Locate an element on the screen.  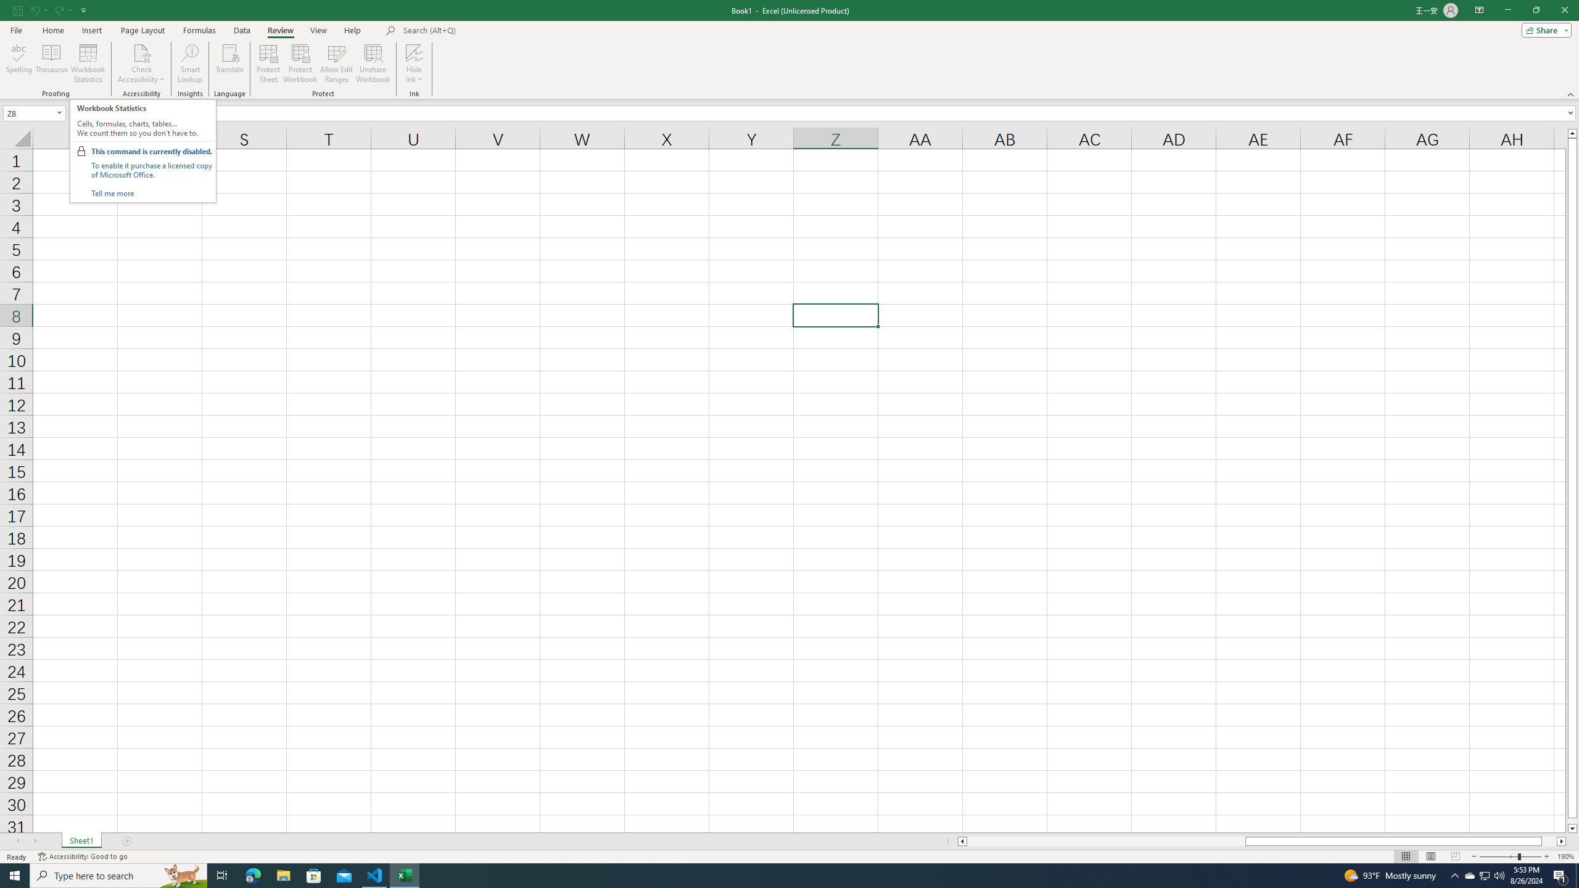
'Translate' is located at coordinates (229, 64).